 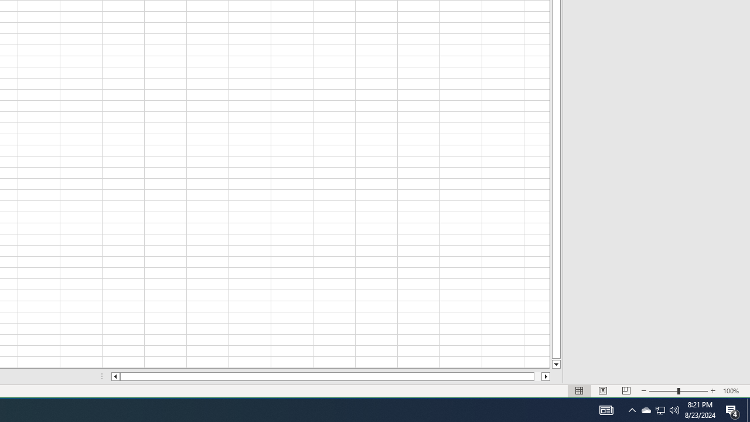 What do you see at coordinates (632, 409) in the screenshot?
I see `'Notification Chevron'` at bounding box center [632, 409].